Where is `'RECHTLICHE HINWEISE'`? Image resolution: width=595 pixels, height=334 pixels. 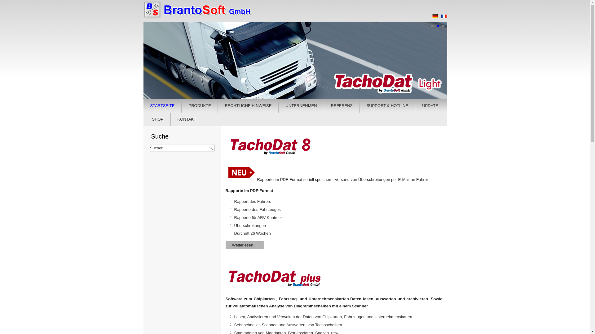 'RECHTLICHE HINWEISE' is located at coordinates (248, 105).